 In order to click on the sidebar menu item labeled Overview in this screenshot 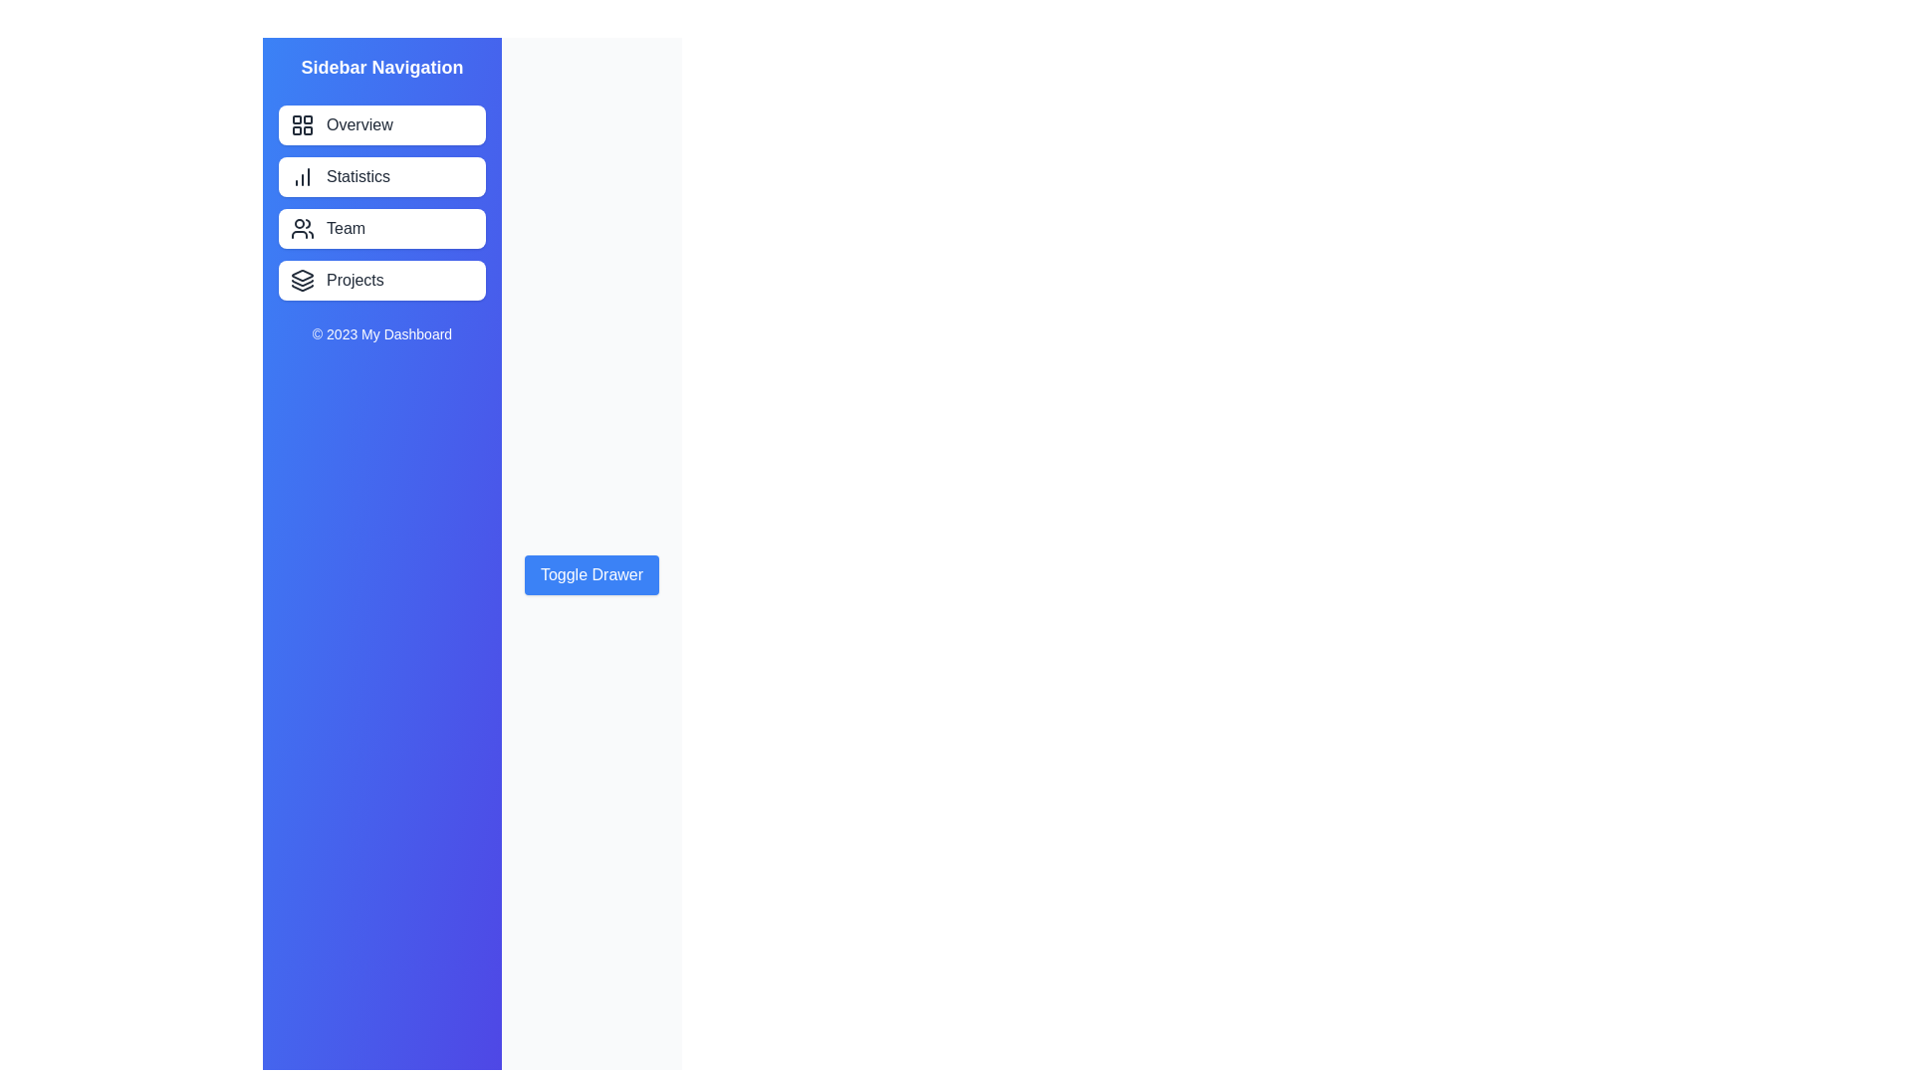, I will do `click(382, 125)`.